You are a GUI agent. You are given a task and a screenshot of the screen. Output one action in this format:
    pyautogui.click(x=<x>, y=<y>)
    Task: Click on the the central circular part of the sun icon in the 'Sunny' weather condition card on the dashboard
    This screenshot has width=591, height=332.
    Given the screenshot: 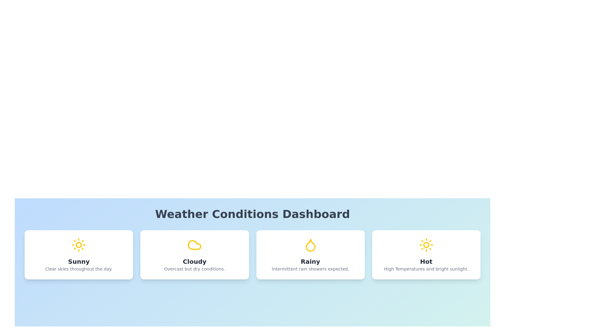 What is the action you would take?
    pyautogui.click(x=78, y=245)
    